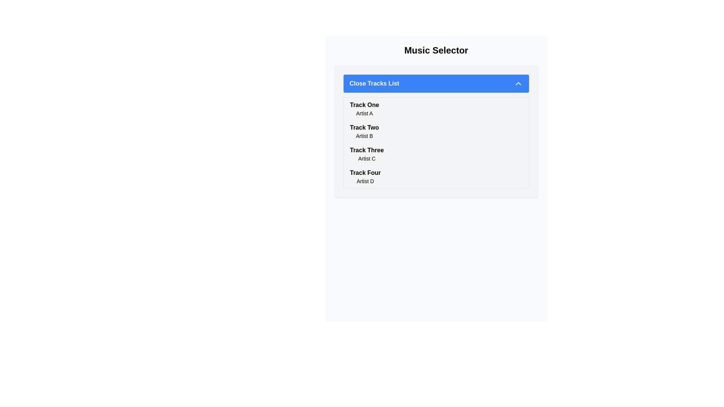  Describe the element at coordinates (364, 109) in the screenshot. I see `the list item displaying 'Track One' by 'Artist A'` at that location.